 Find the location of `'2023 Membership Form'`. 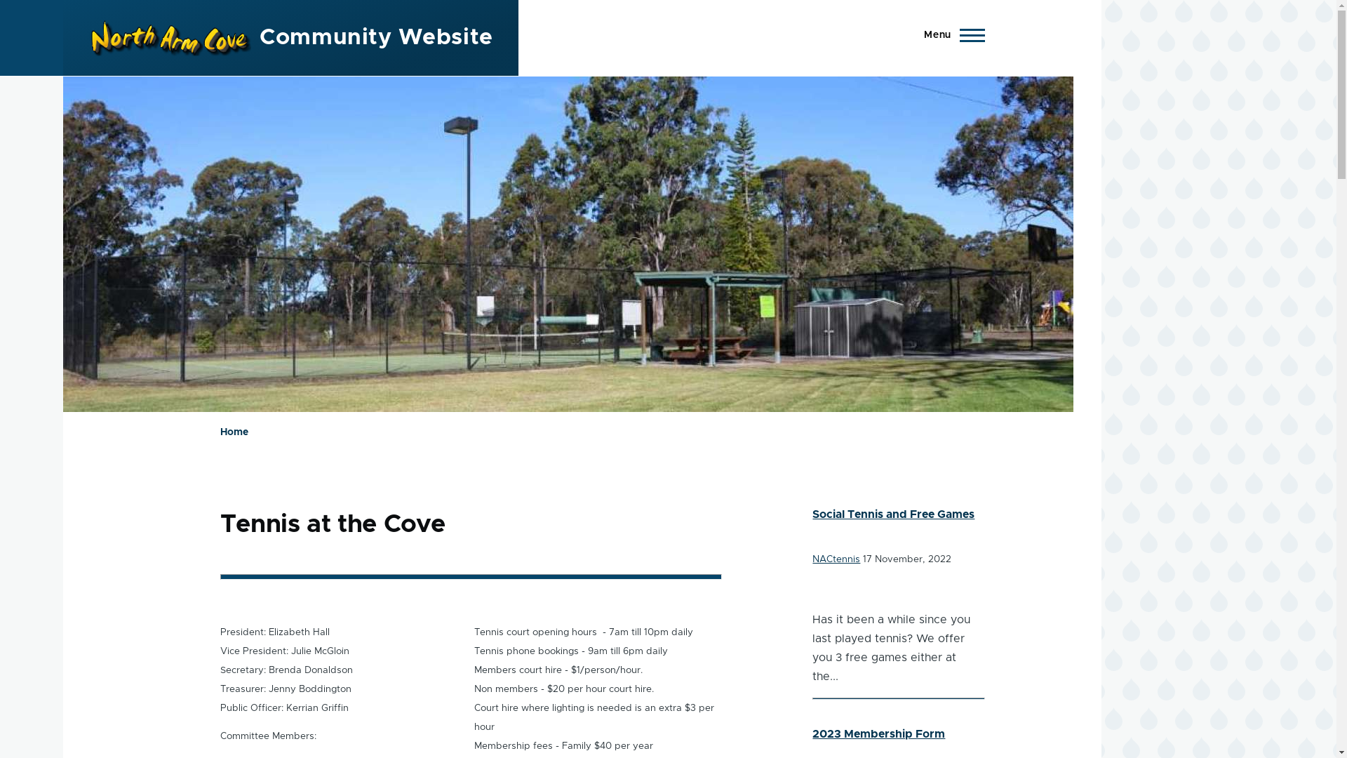

'2023 Membership Form' is located at coordinates (878, 733).